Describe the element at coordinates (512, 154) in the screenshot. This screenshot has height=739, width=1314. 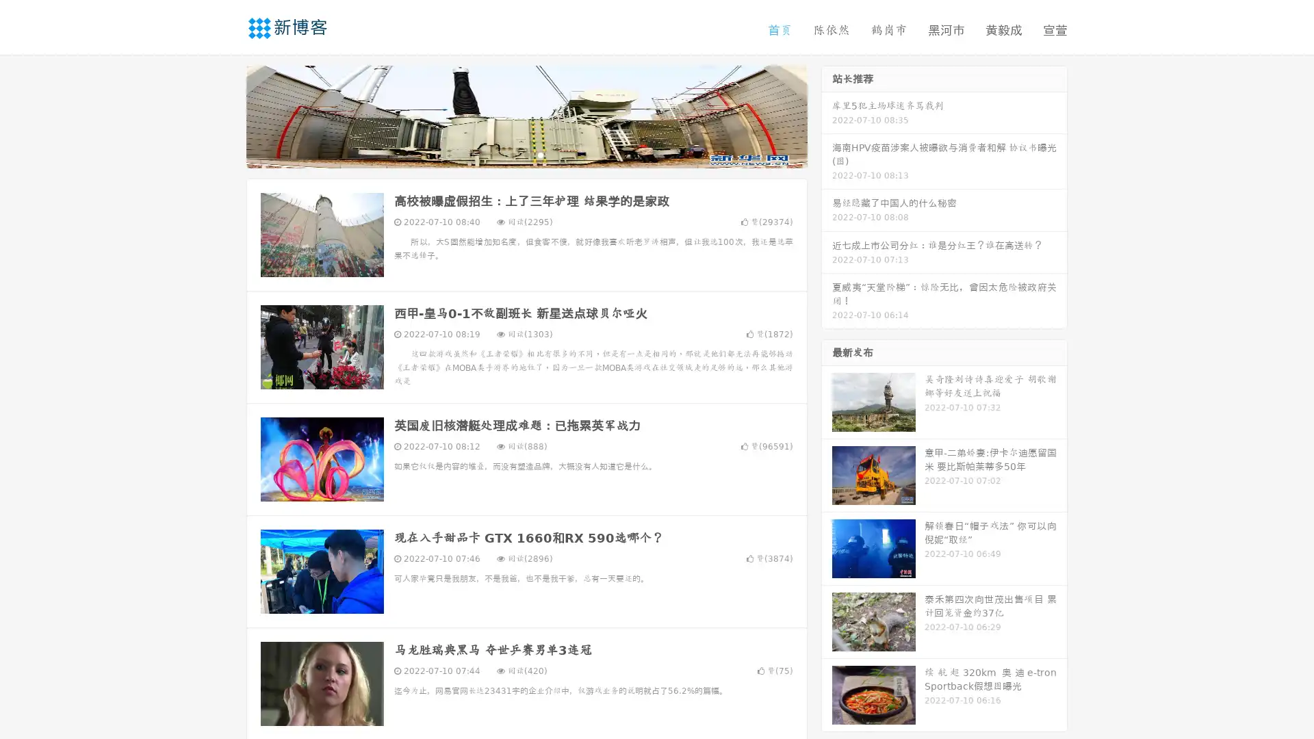
I see `Go to slide 1` at that location.